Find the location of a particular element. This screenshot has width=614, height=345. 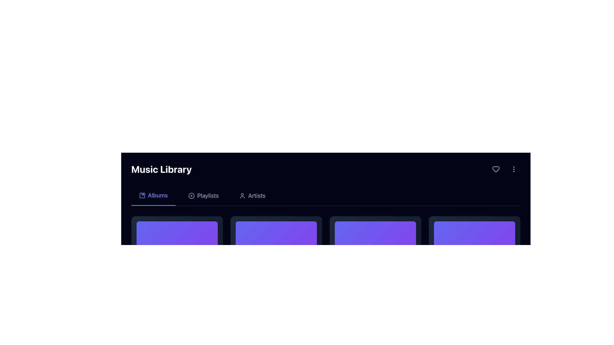

header text element indicating the current section's context titled 'Music Library', which is located towards the left side above navigational options is located at coordinates (161, 169).